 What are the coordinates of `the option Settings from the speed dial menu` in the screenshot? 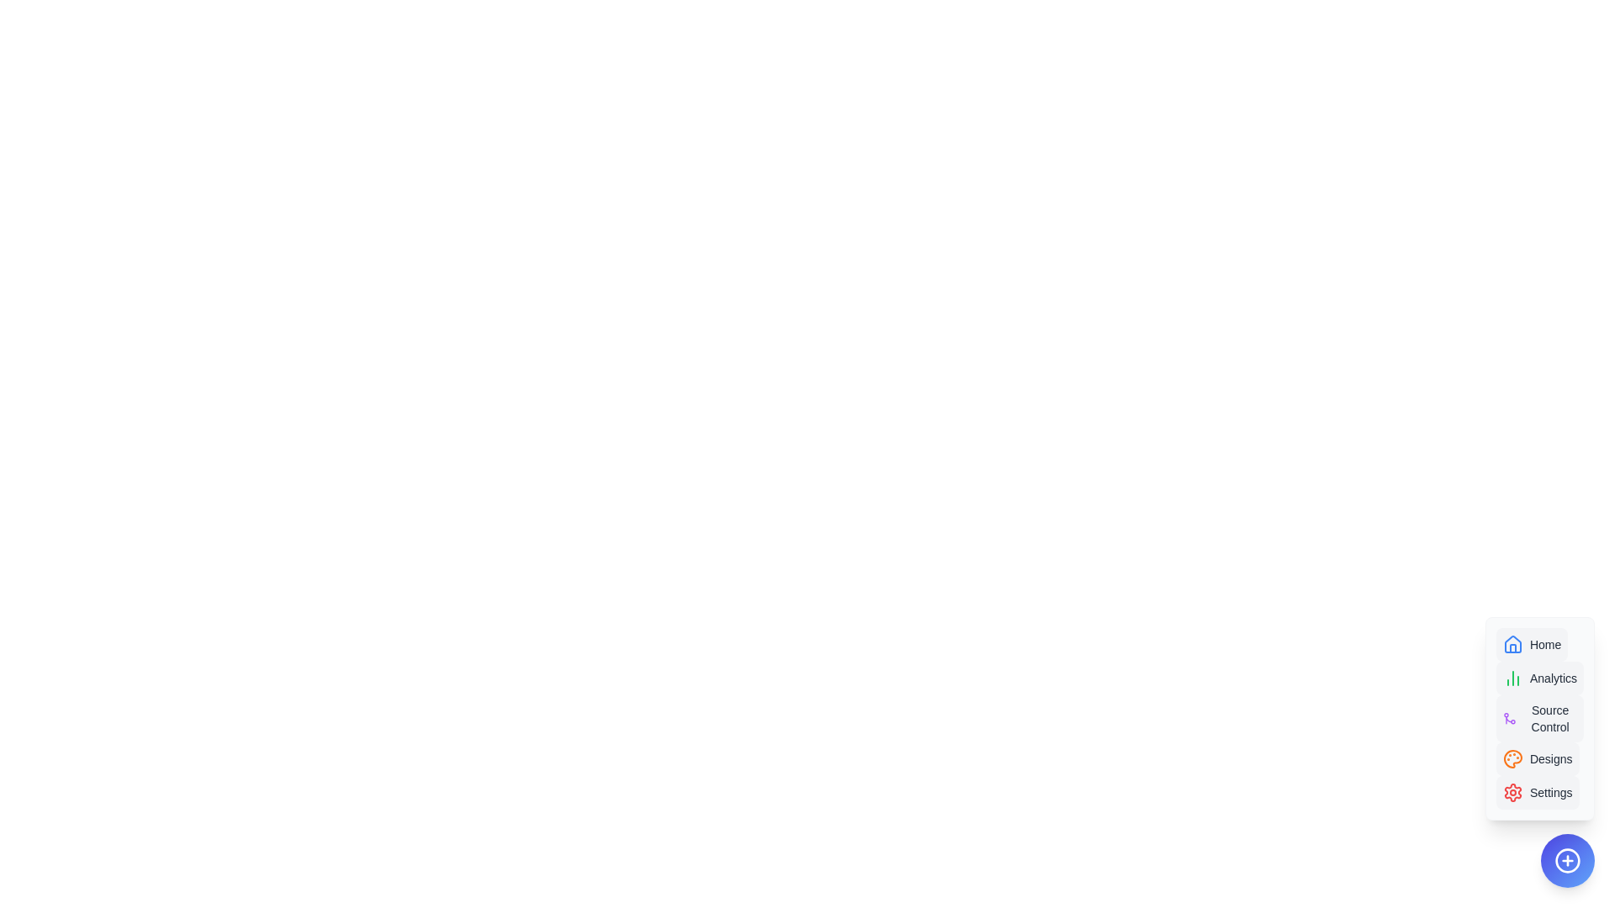 It's located at (1538, 792).